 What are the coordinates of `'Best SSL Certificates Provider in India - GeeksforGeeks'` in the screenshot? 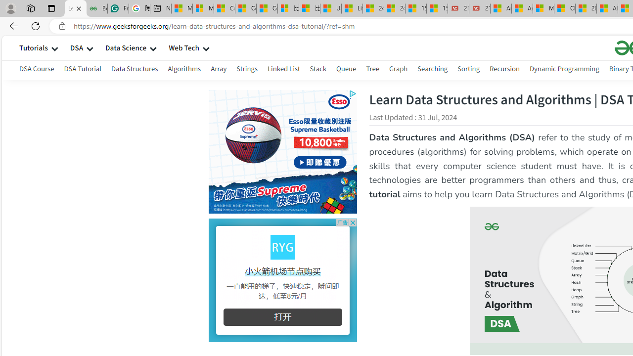 It's located at (97, 8).